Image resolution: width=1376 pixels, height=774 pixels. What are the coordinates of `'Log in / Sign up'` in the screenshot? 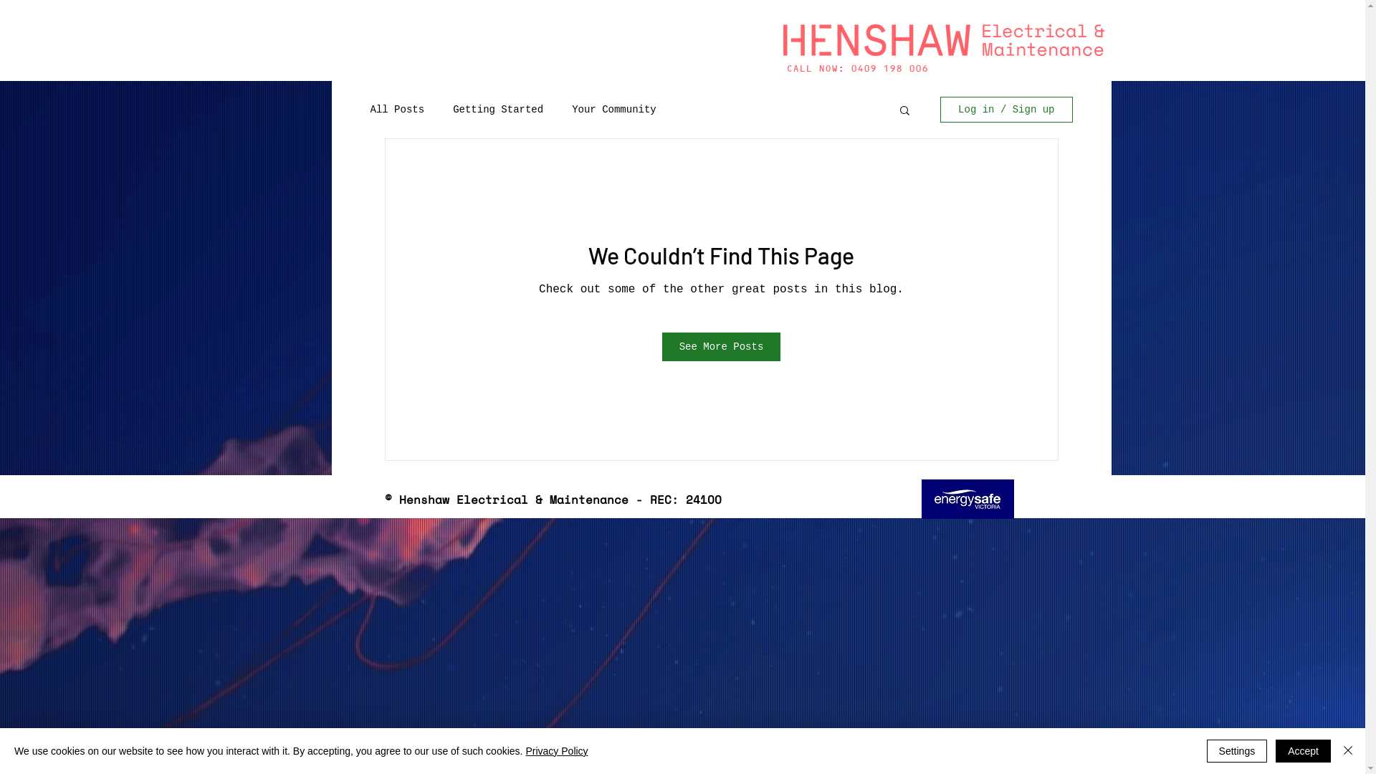 It's located at (940, 109).